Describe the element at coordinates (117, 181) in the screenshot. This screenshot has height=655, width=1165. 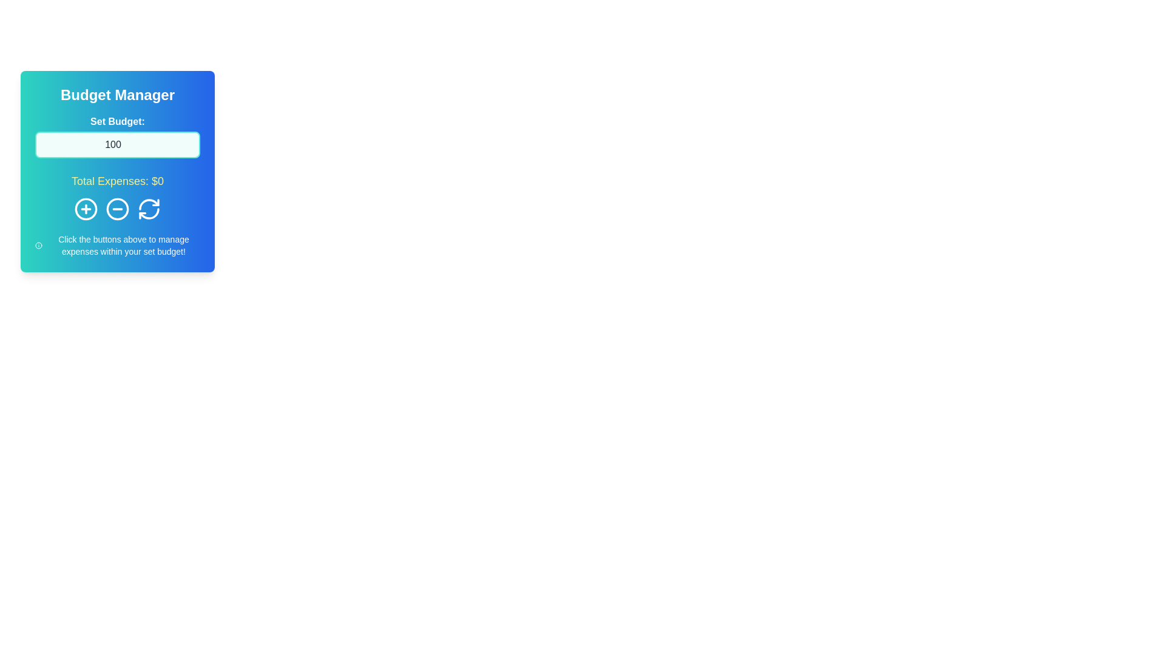
I see `the Static Text element that displays the current total expenses in the 'Budget Manager' card interface, located centrally below the 'Set Budget' field` at that location.